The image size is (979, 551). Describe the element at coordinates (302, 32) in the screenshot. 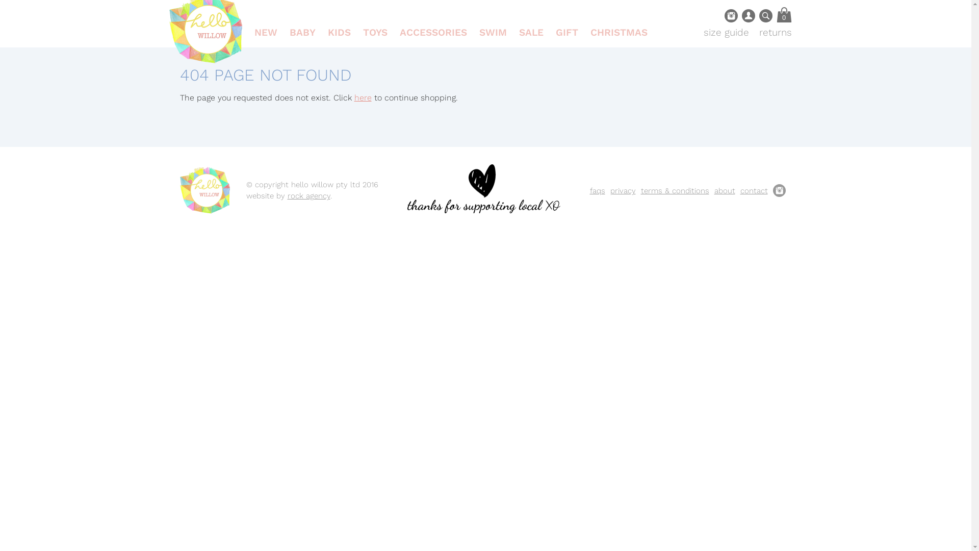

I see `'BABY'` at that location.